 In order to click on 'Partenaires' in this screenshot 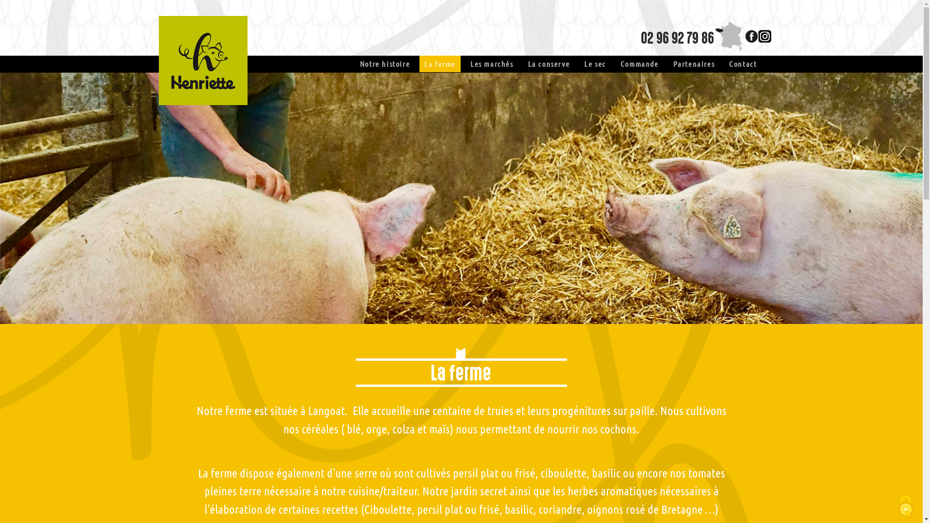, I will do `click(694, 63)`.